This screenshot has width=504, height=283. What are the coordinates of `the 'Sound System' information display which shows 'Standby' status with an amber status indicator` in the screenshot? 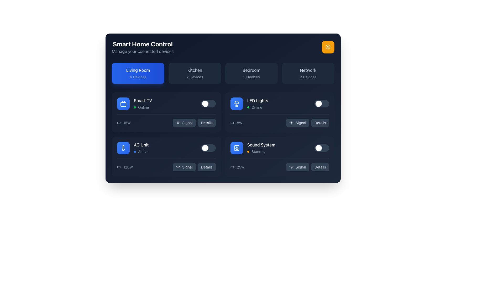 It's located at (261, 148).